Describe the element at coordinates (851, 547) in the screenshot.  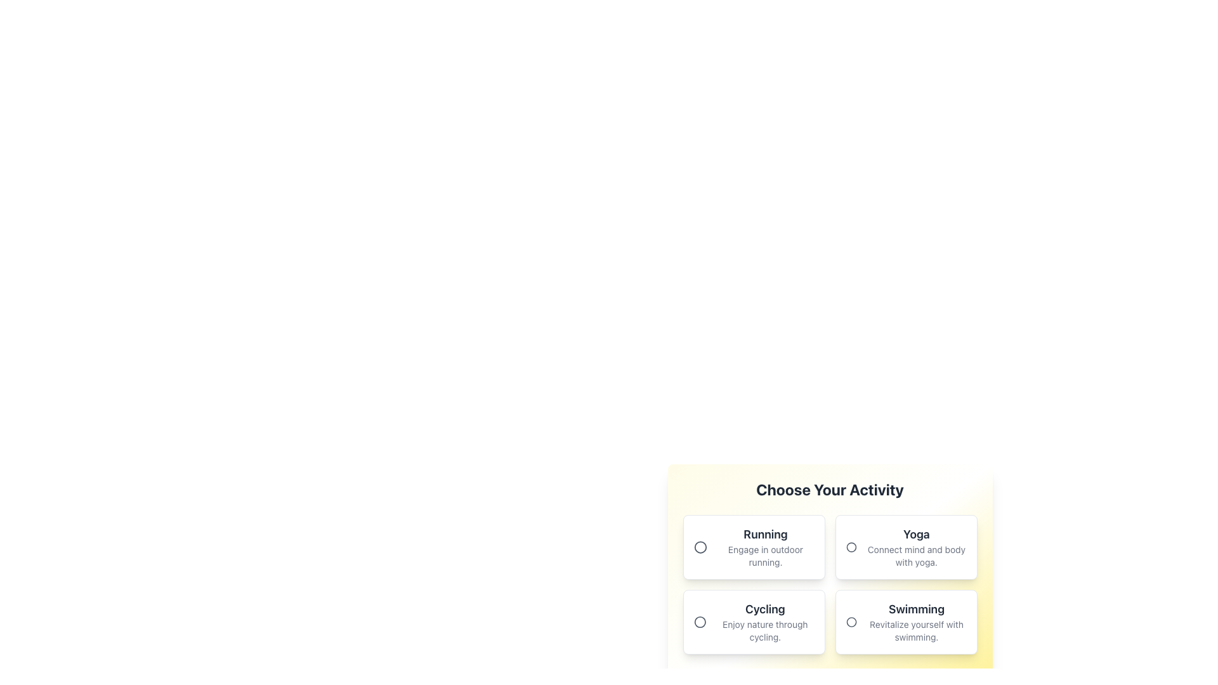
I see `the decorative Yoga icon located in the top-right card of the 'Choose Your Activity' section` at that location.